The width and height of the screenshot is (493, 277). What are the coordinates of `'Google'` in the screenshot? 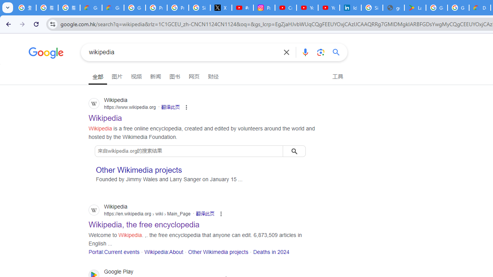 It's located at (46, 53).